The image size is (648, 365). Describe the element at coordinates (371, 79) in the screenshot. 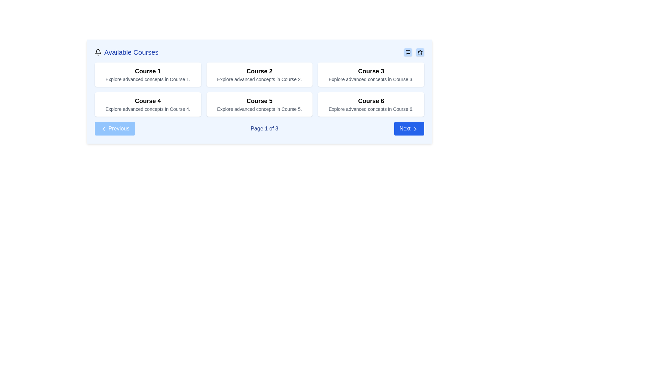

I see `the text label reading 'Explore advanced concepts in Course 3,' which is located under the header 'Course 3' and styled in a smaller, lighter gray font` at that location.